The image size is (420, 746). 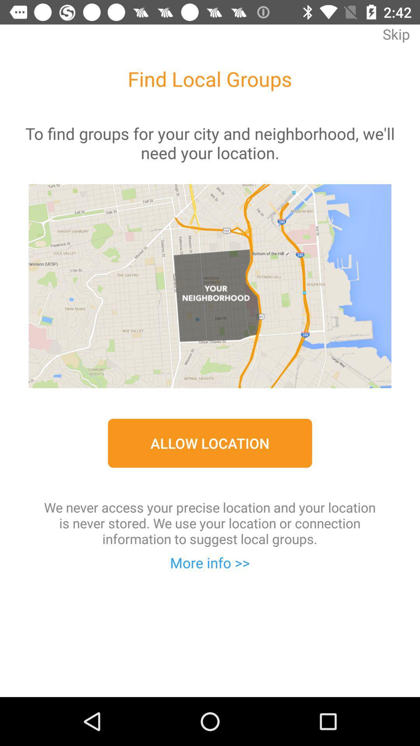 I want to click on the skip icon, so click(x=396, y=39).